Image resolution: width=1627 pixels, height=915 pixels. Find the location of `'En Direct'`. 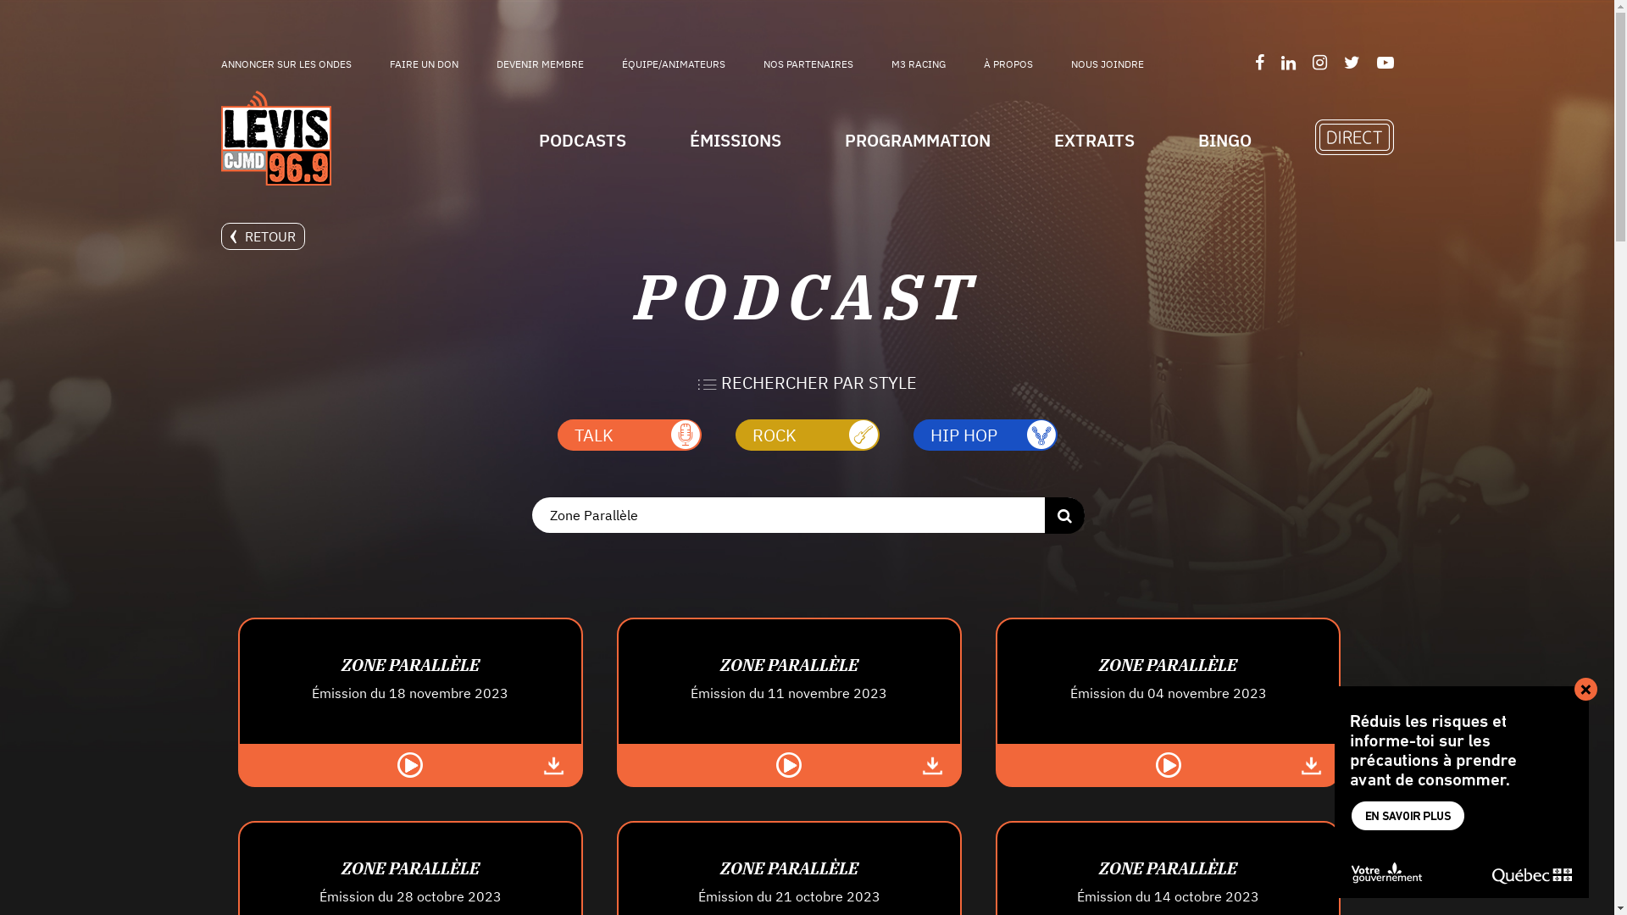

'En Direct' is located at coordinates (1353, 136).